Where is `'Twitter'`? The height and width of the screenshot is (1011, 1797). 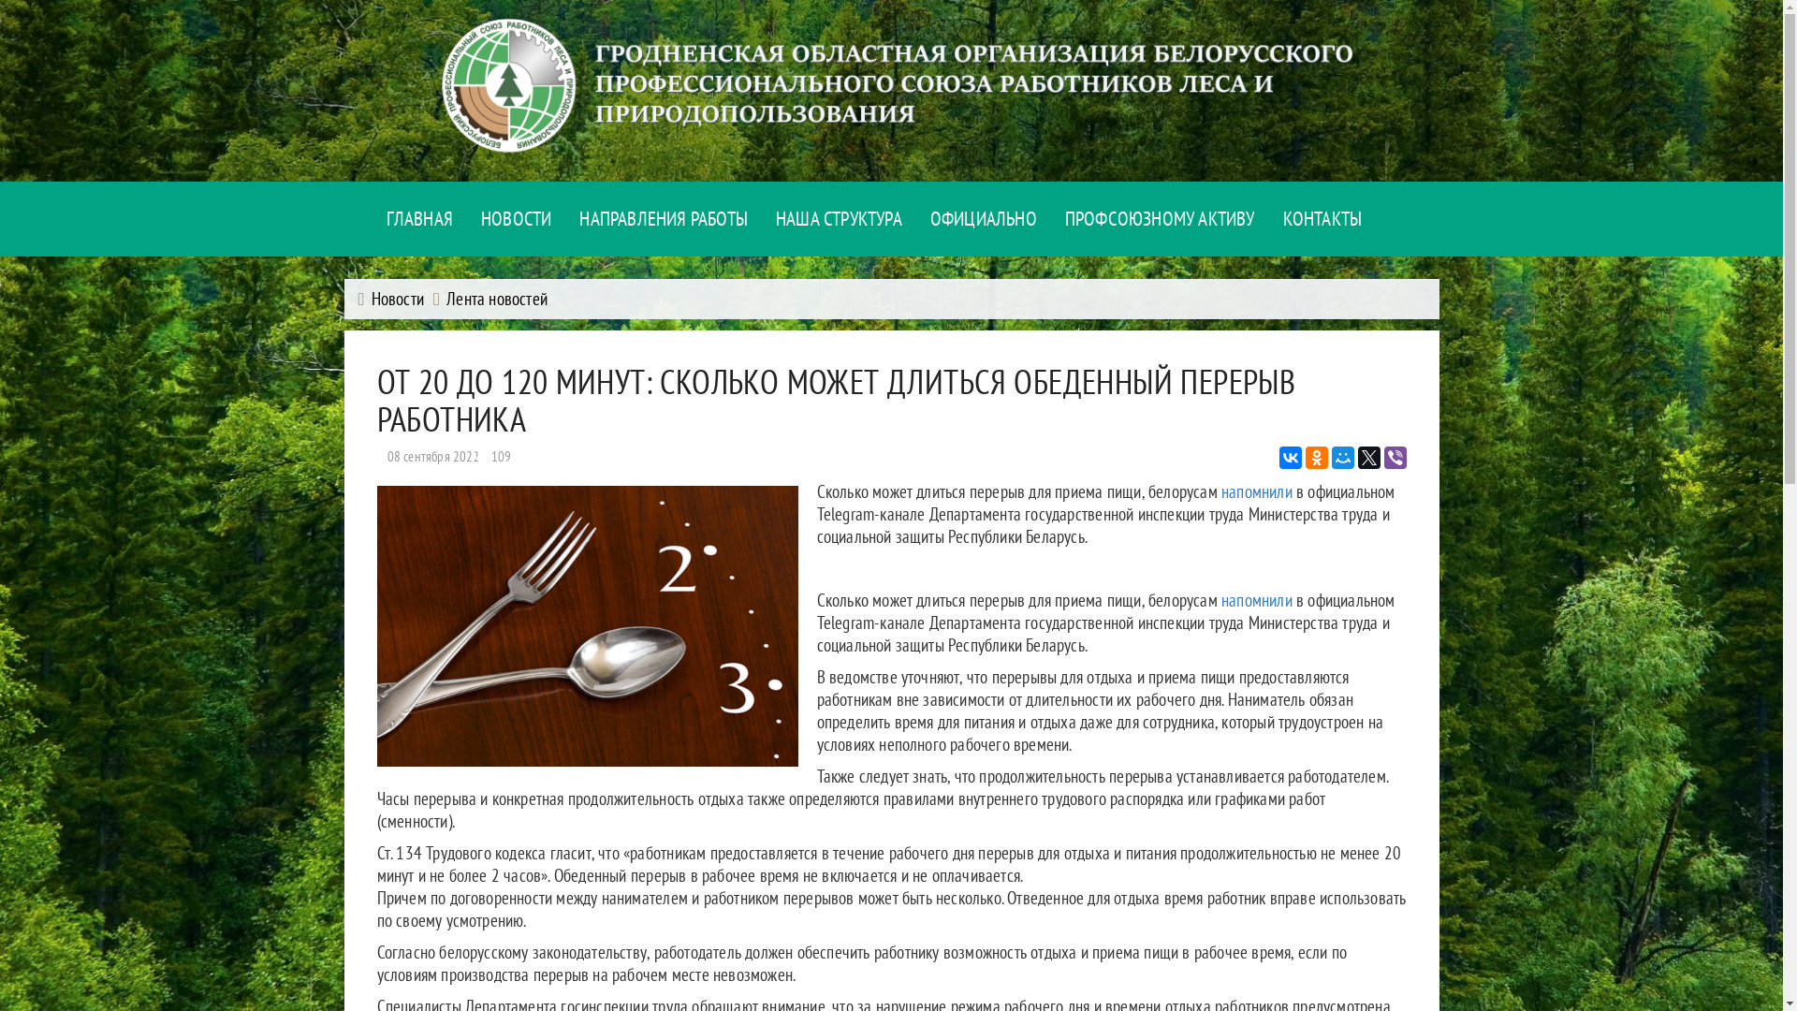
'Twitter' is located at coordinates (1368, 458).